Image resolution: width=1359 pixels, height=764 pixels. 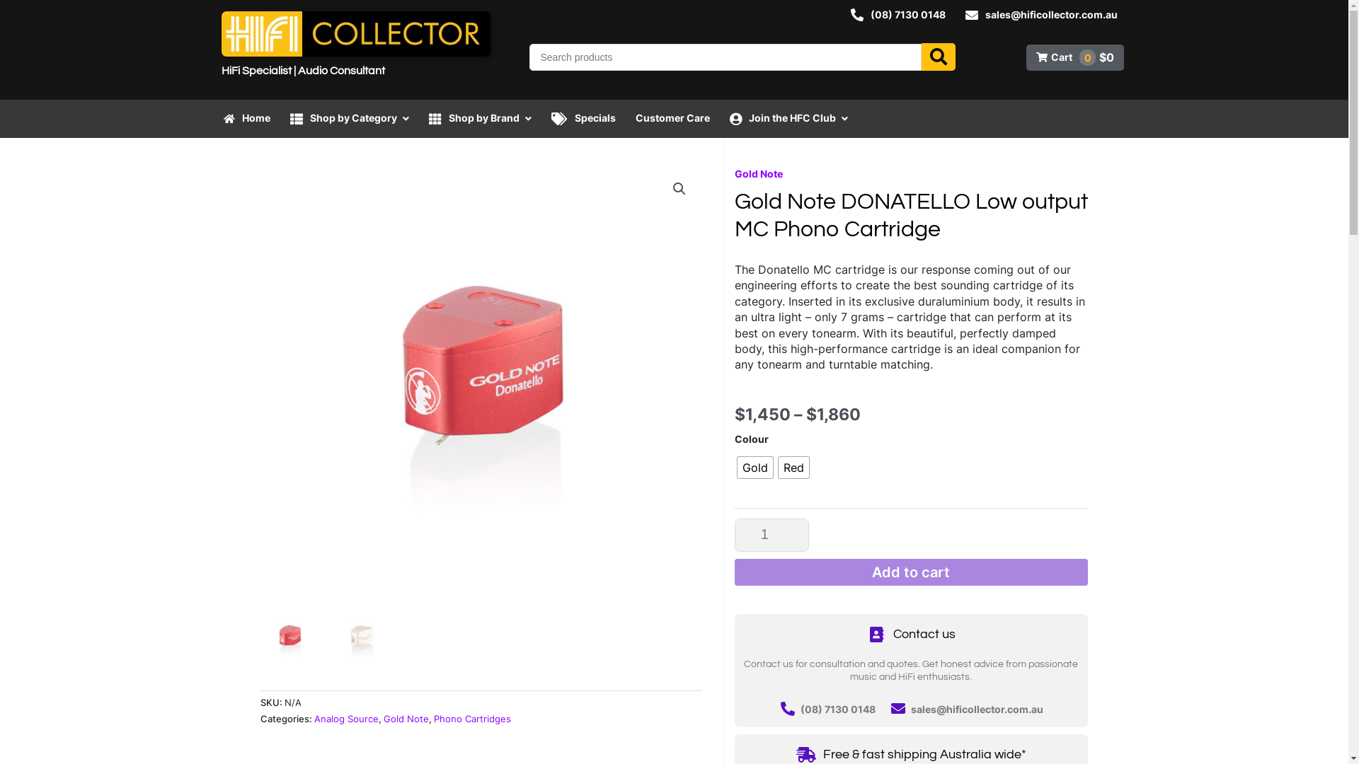 I want to click on 'sales@hificollector.com.au', so click(x=1041, y=14).